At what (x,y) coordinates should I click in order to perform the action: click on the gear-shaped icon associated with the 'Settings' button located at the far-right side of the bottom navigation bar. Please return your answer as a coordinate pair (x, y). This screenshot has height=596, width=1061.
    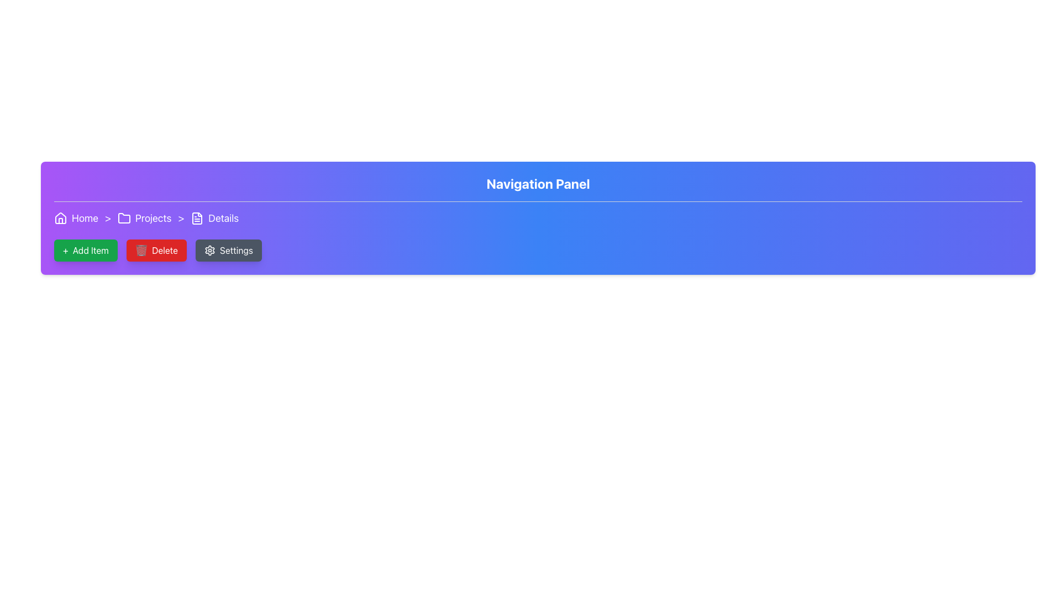
    Looking at the image, I should click on (209, 251).